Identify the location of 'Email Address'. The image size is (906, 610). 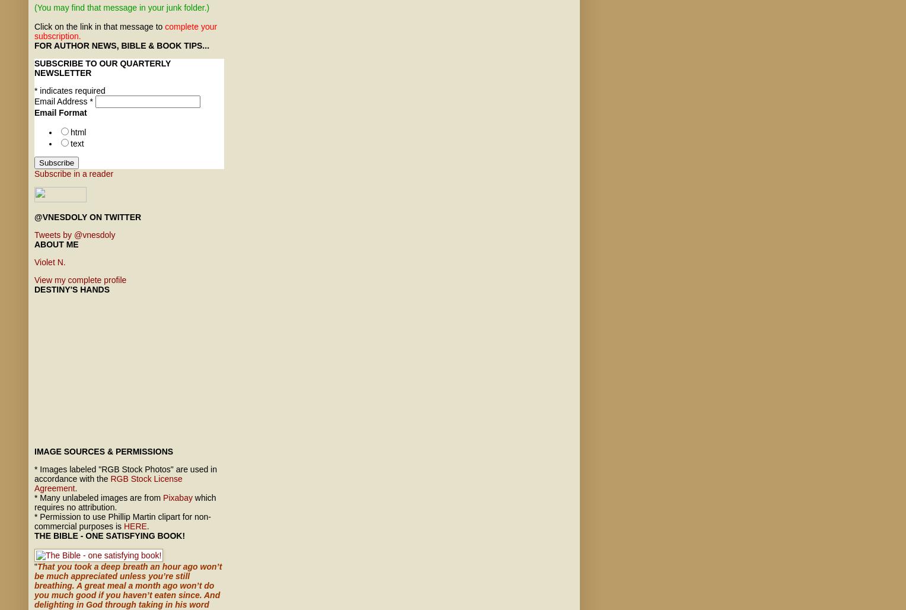
(61, 101).